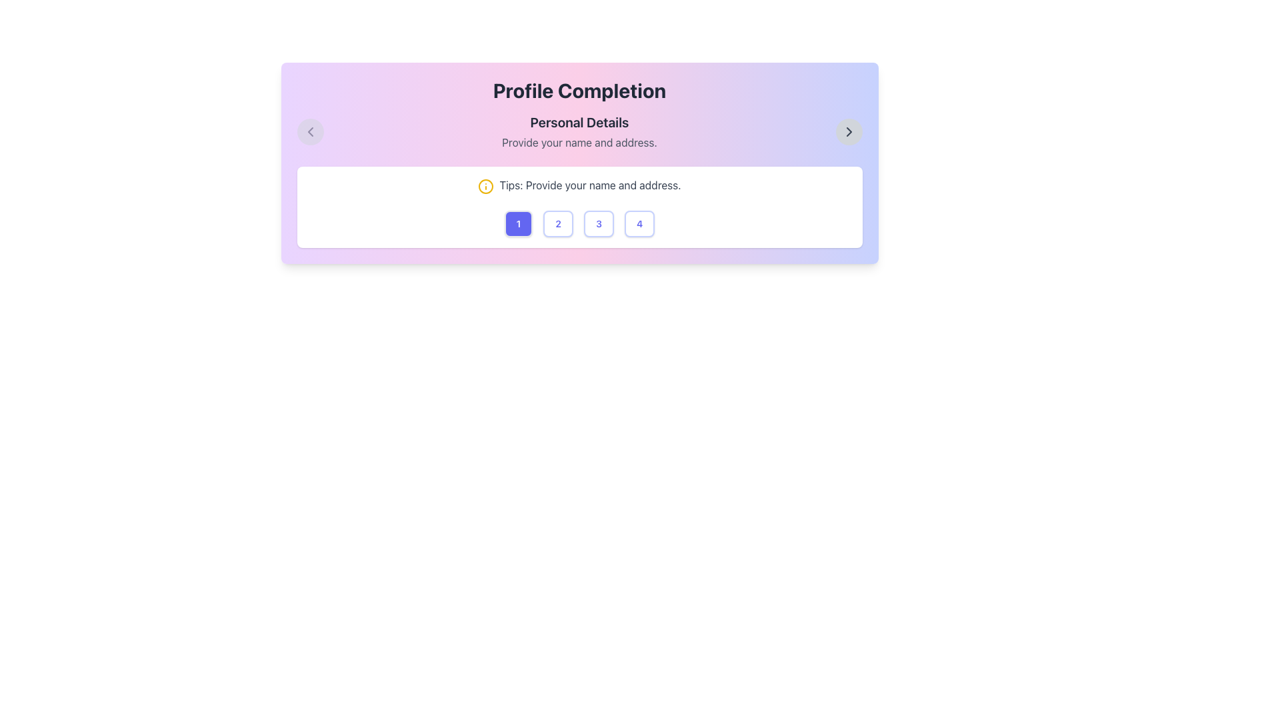  What do you see at coordinates (517, 223) in the screenshot?
I see `the first button labeled '1'` at bounding box center [517, 223].